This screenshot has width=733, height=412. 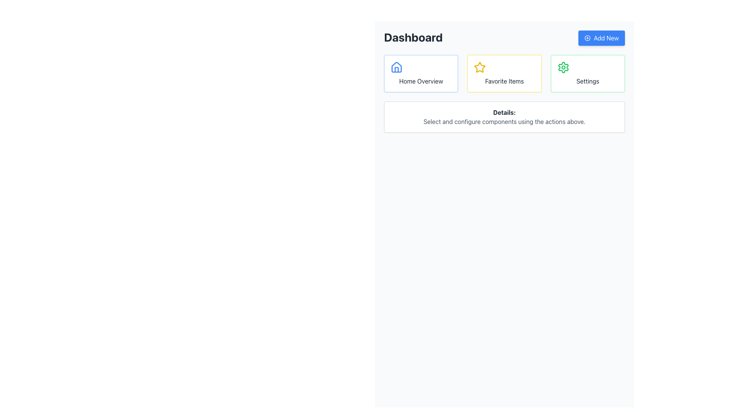 I want to click on the star-shaped SVG icon representing 'Favorite Items' located in the middle of the yellow-bordered card on the dashboard, so click(x=480, y=67).